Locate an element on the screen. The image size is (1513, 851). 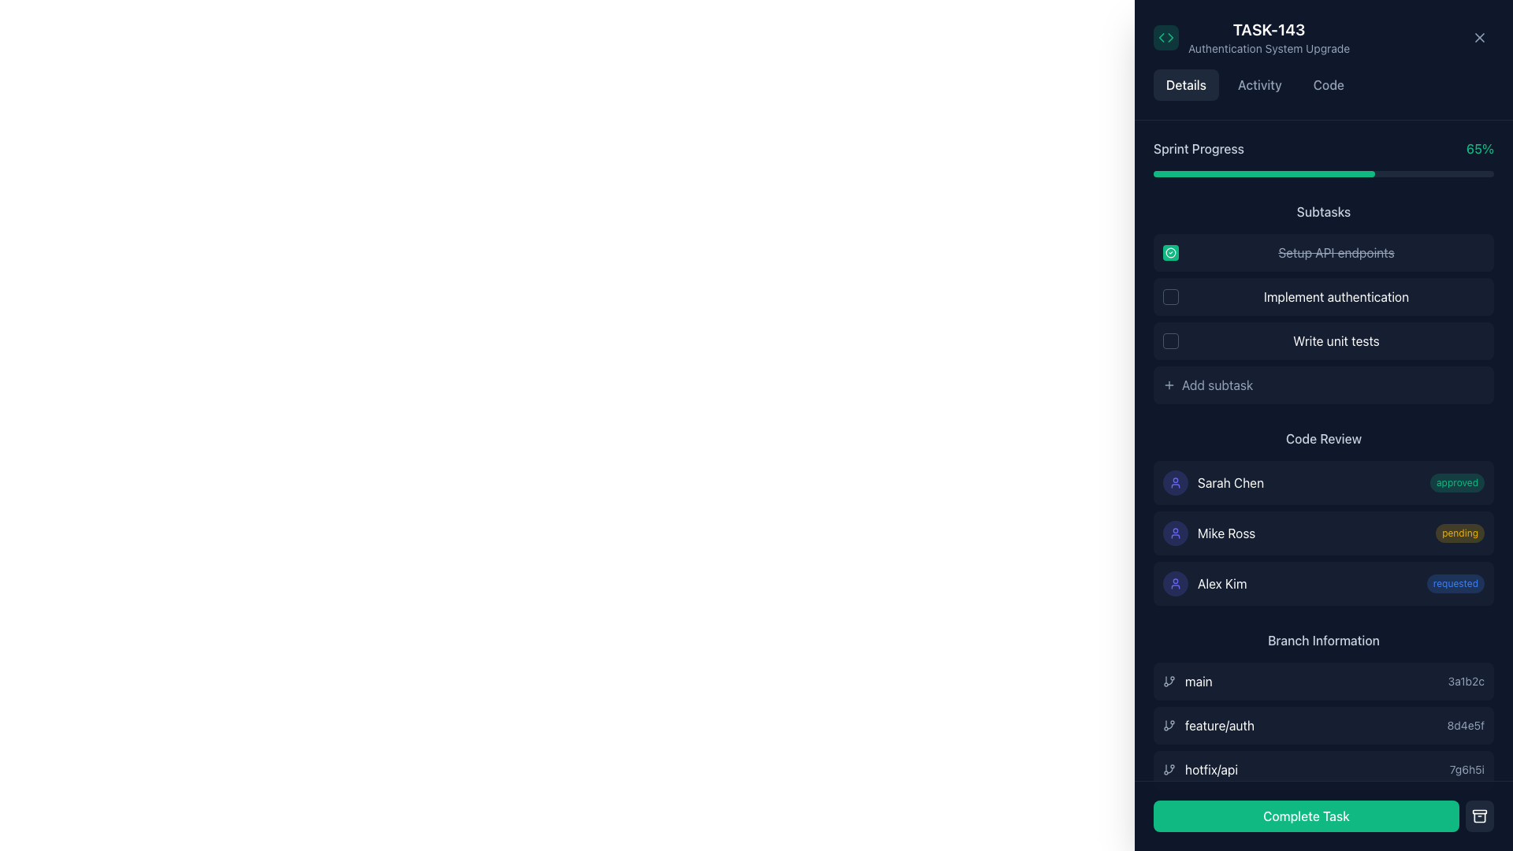
the Text Label displaying the name 'Mike Ross' in the 'Code Review' section, which is positioned between 'Sarah Chen' and 'Alex Kim', with a user silhouette icon on the left is located at coordinates (1225, 533).